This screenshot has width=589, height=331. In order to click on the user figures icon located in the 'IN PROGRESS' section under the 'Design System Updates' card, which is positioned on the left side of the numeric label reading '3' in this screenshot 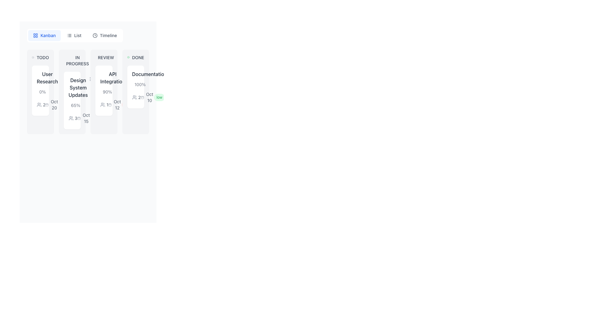, I will do `click(71, 118)`.